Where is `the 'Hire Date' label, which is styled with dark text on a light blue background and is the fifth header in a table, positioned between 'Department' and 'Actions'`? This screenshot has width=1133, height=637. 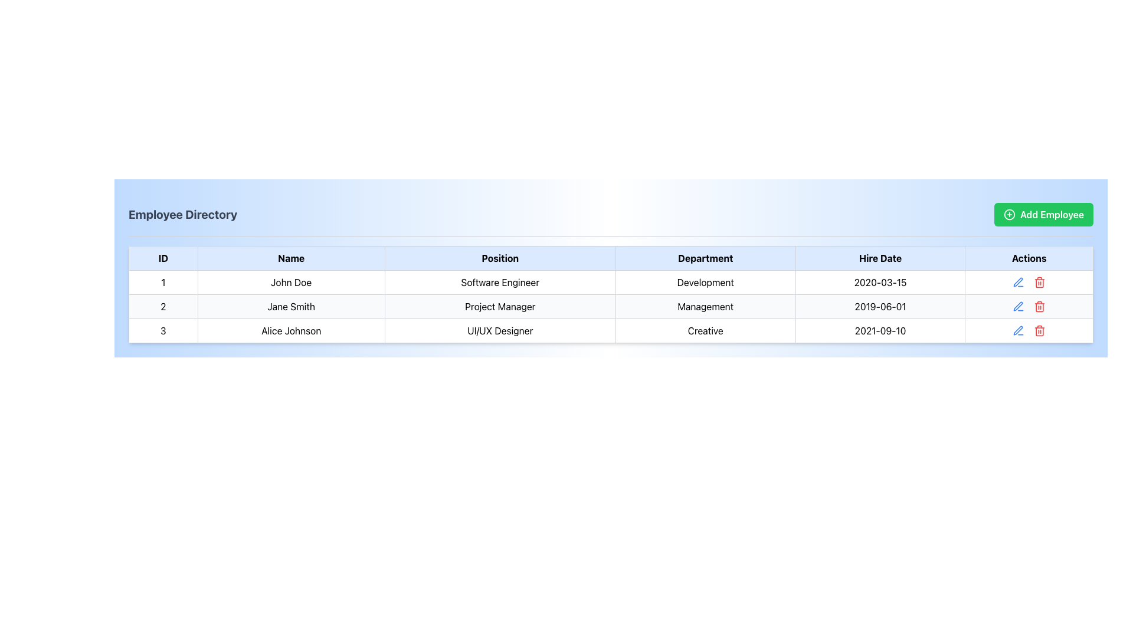 the 'Hire Date' label, which is styled with dark text on a light blue background and is the fifth header in a table, positioned between 'Department' and 'Actions' is located at coordinates (880, 258).